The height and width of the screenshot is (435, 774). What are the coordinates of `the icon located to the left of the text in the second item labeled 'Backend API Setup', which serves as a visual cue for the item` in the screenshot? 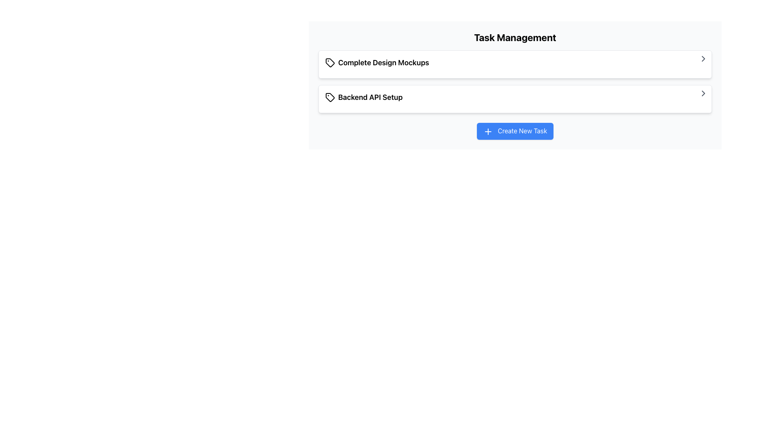 It's located at (330, 97).